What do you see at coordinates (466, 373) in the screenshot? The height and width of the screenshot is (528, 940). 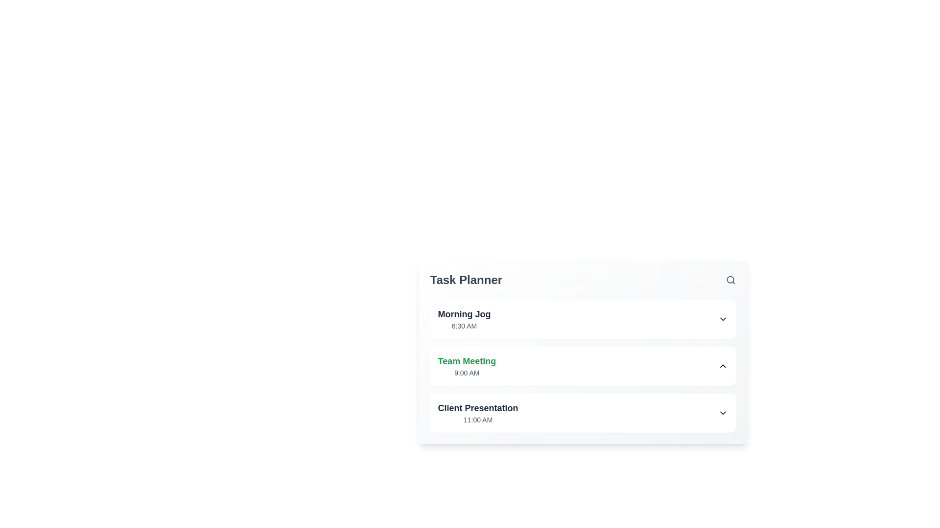 I see `the text label displaying '9:00 AM', which is located below the bold green text 'Team Meeting' in the task scheduling interface` at bounding box center [466, 373].